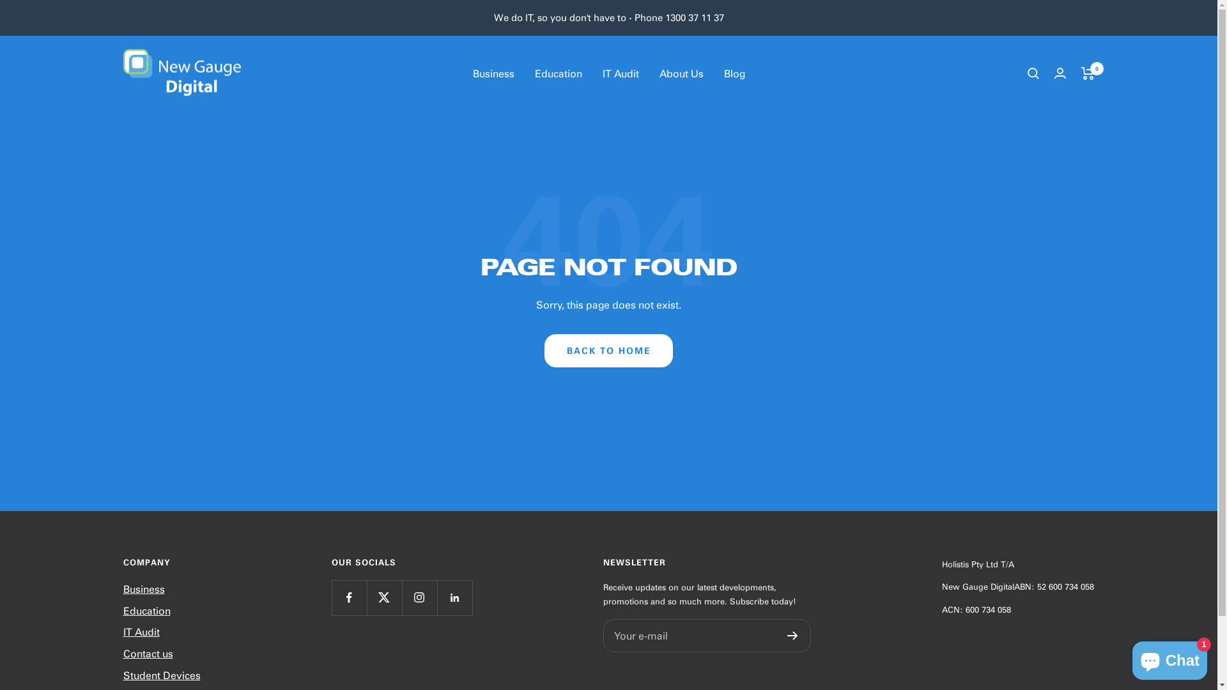 The image size is (1227, 690). What do you see at coordinates (181, 73) in the screenshot?
I see `'New Gauge Digital'` at bounding box center [181, 73].